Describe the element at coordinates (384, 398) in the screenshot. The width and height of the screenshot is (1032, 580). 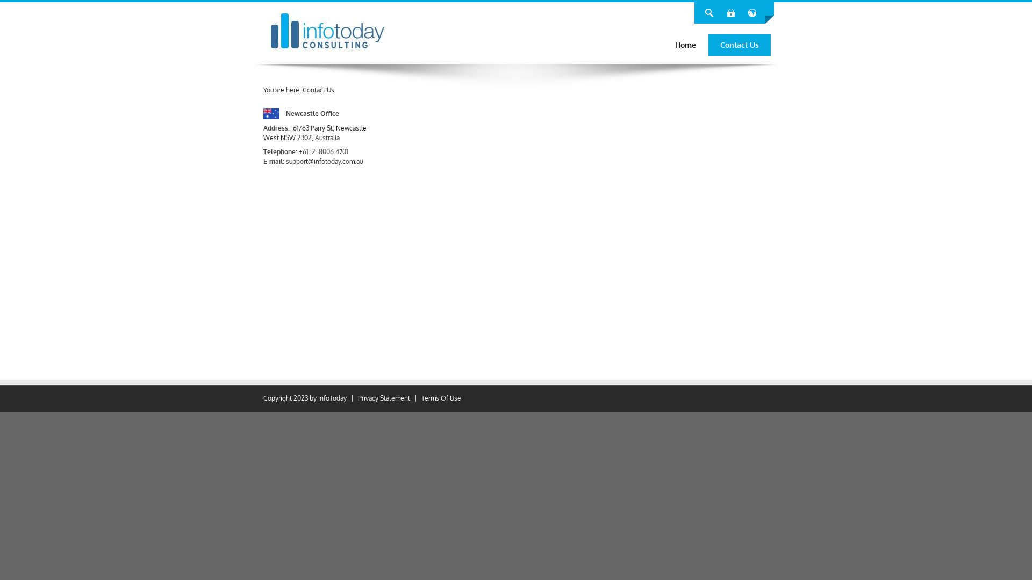
I see `'Privacy Statement'` at that location.